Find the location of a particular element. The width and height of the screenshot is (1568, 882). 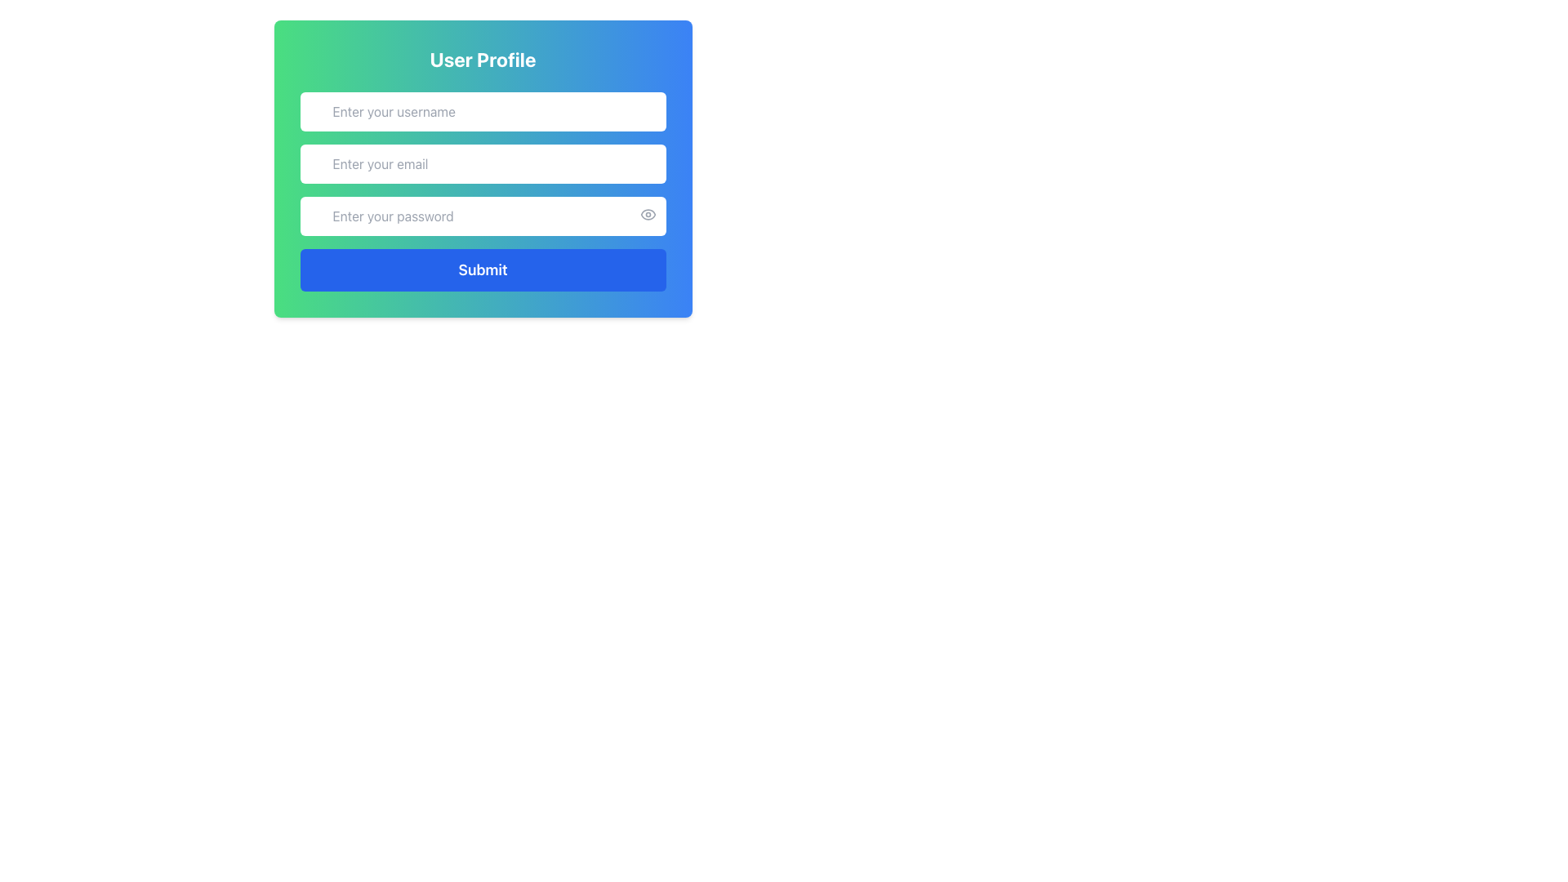

the submission button located at the bottom of the user profile form is located at coordinates (482, 269).